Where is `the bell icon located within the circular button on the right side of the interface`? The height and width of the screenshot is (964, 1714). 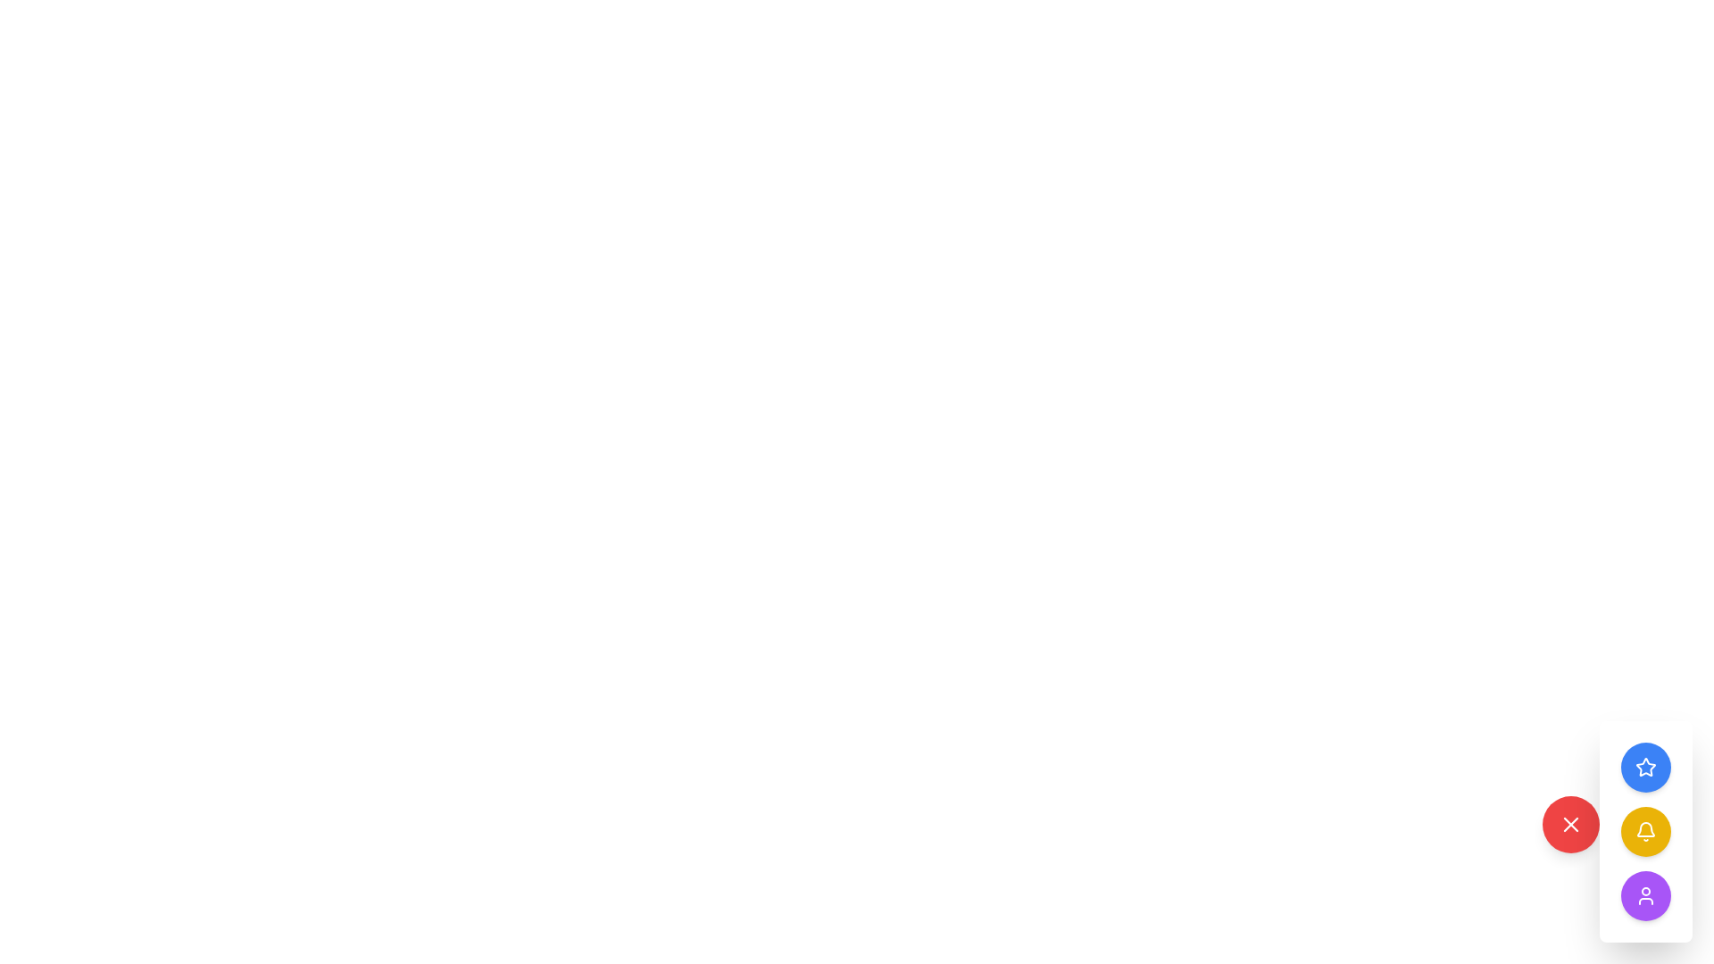
the bell icon located within the circular button on the right side of the interface is located at coordinates (1644, 832).